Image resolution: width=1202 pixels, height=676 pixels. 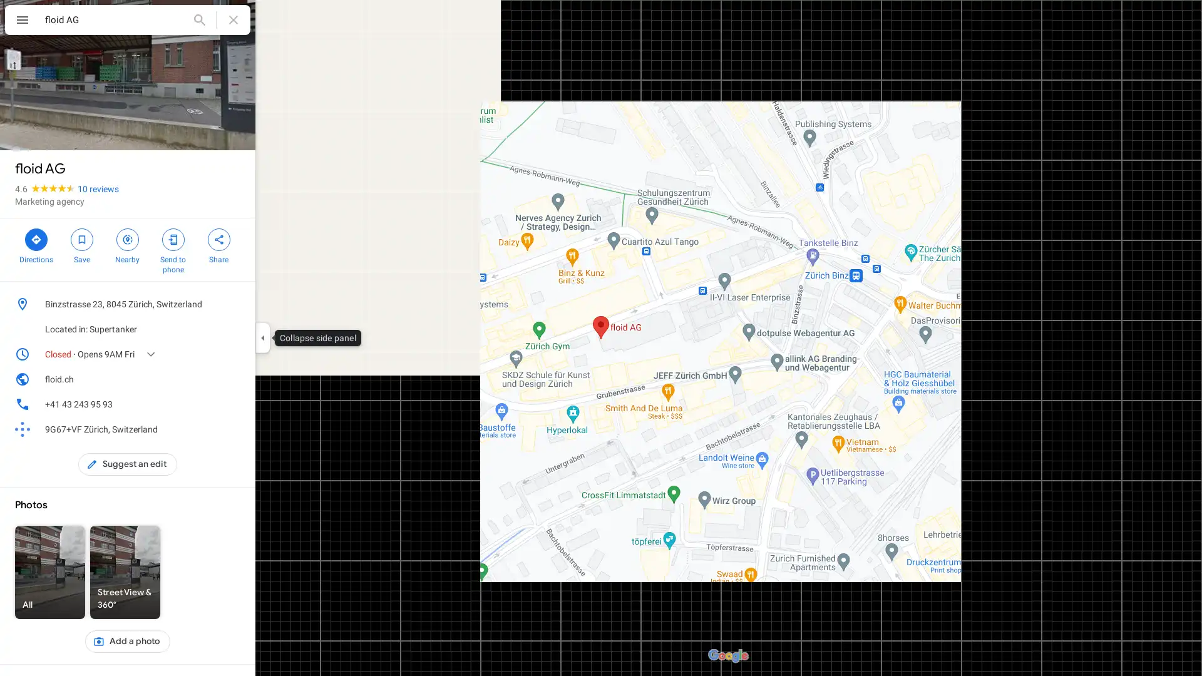 I want to click on Save floid AG in your lists, so click(x=81, y=244).